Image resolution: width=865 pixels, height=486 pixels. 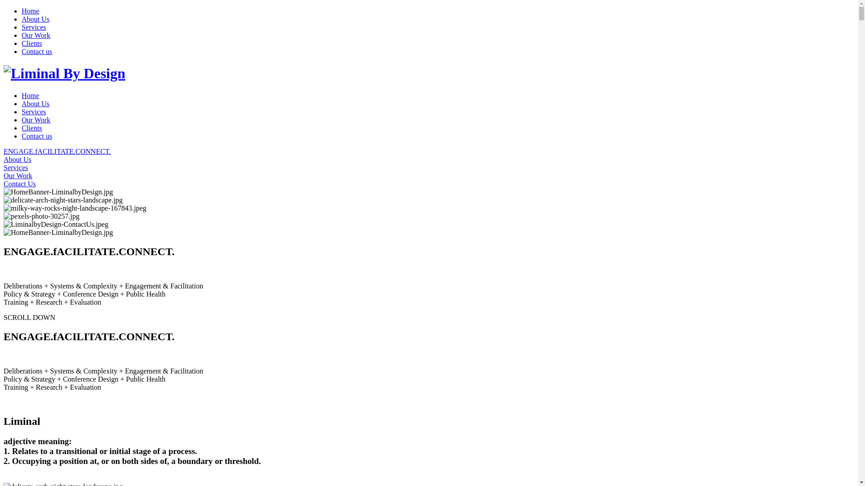 What do you see at coordinates (36, 119) in the screenshot?
I see `'Our Work'` at bounding box center [36, 119].